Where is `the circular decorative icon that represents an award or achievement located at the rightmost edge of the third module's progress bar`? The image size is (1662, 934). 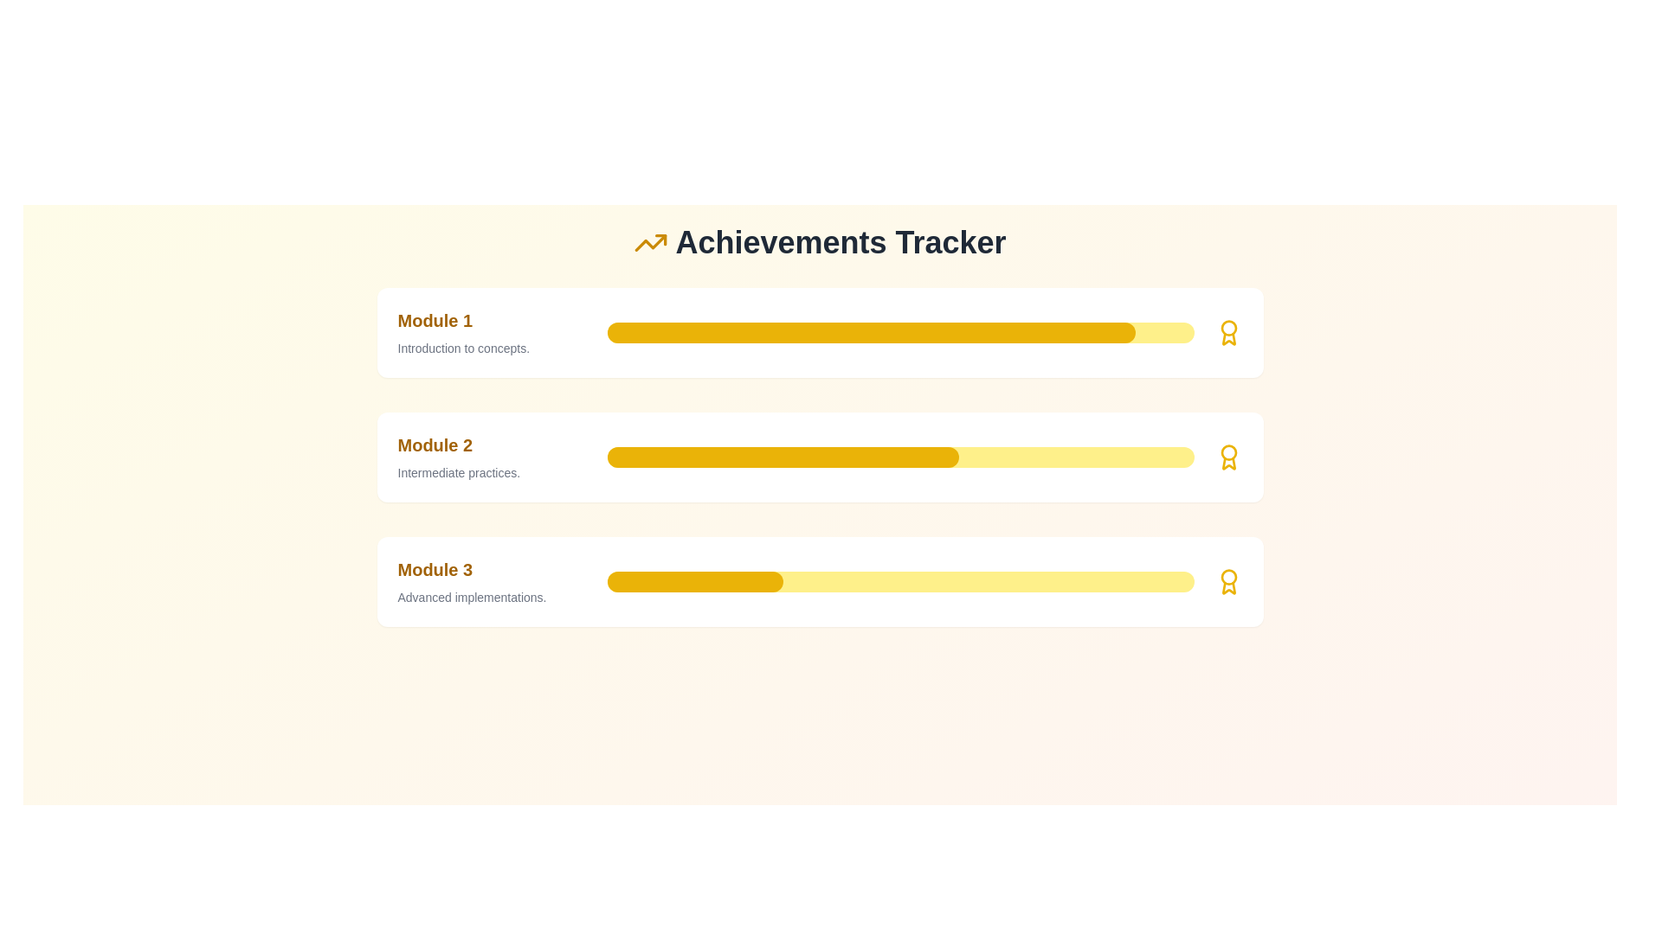
the circular decorative icon that represents an award or achievement located at the rightmost edge of the third module's progress bar is located at coordinates (1227, 577).